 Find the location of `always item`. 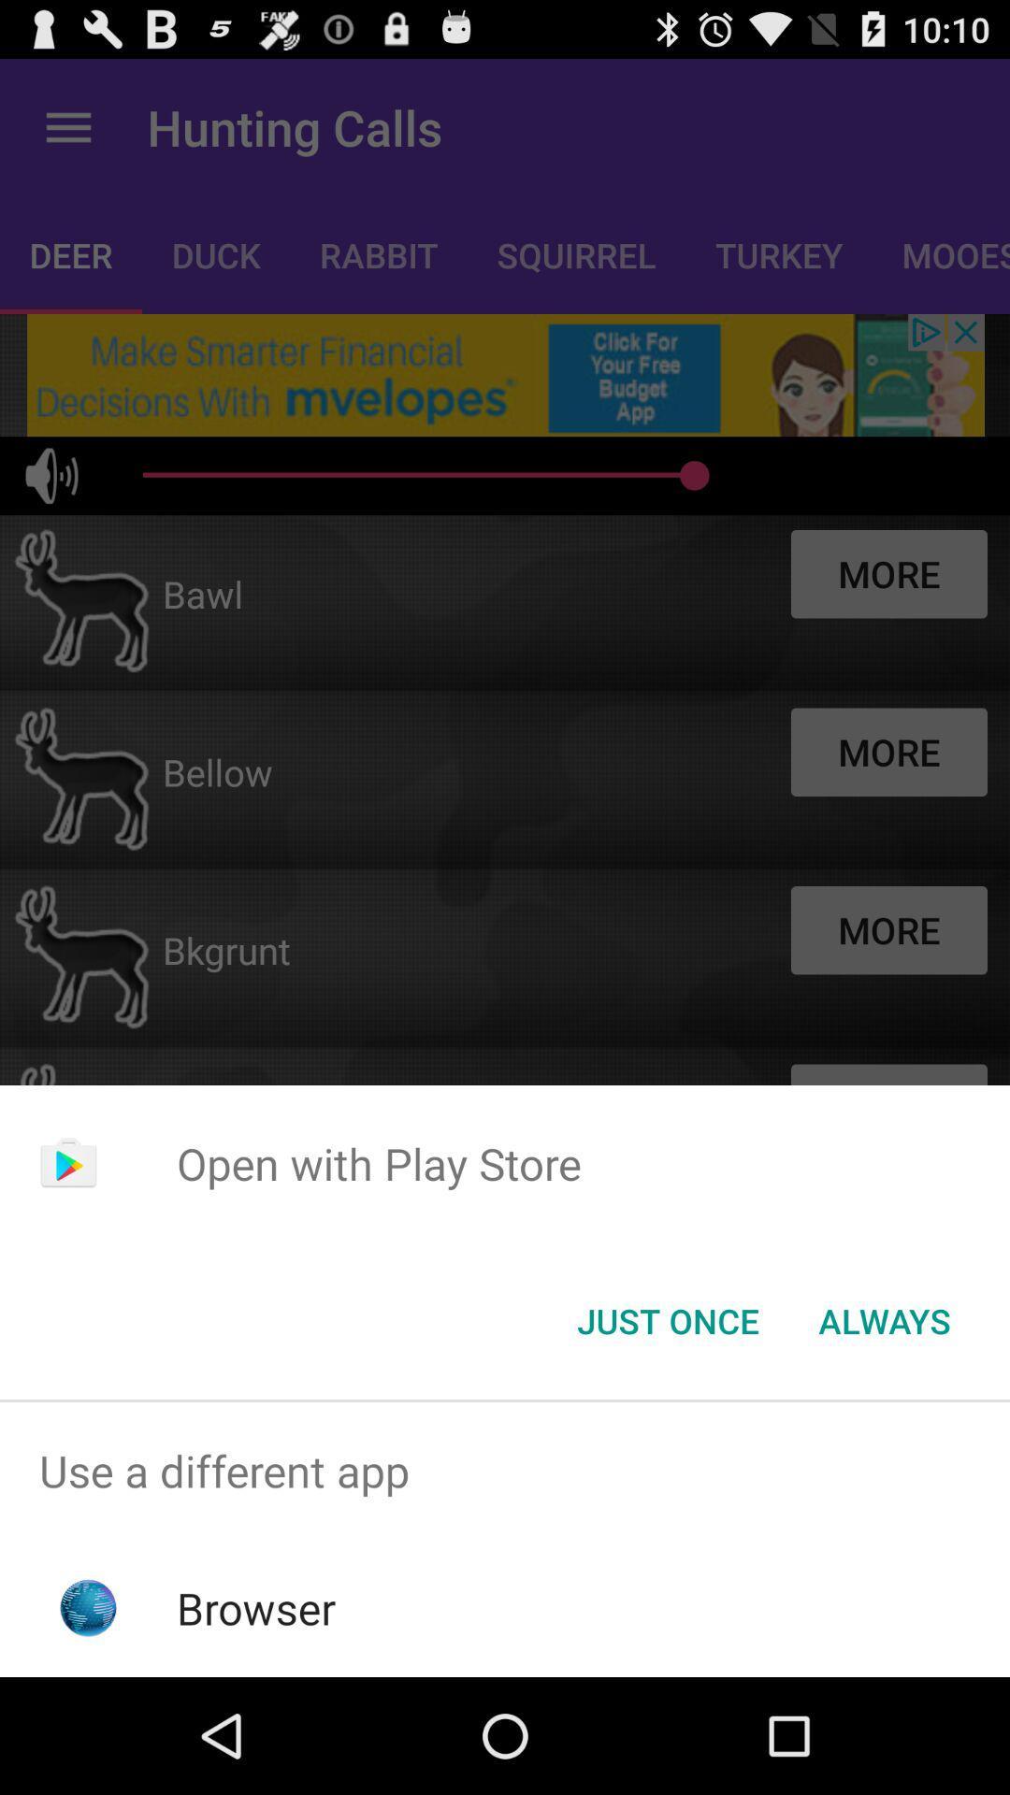

always item is located at coordinates (884, 1319).